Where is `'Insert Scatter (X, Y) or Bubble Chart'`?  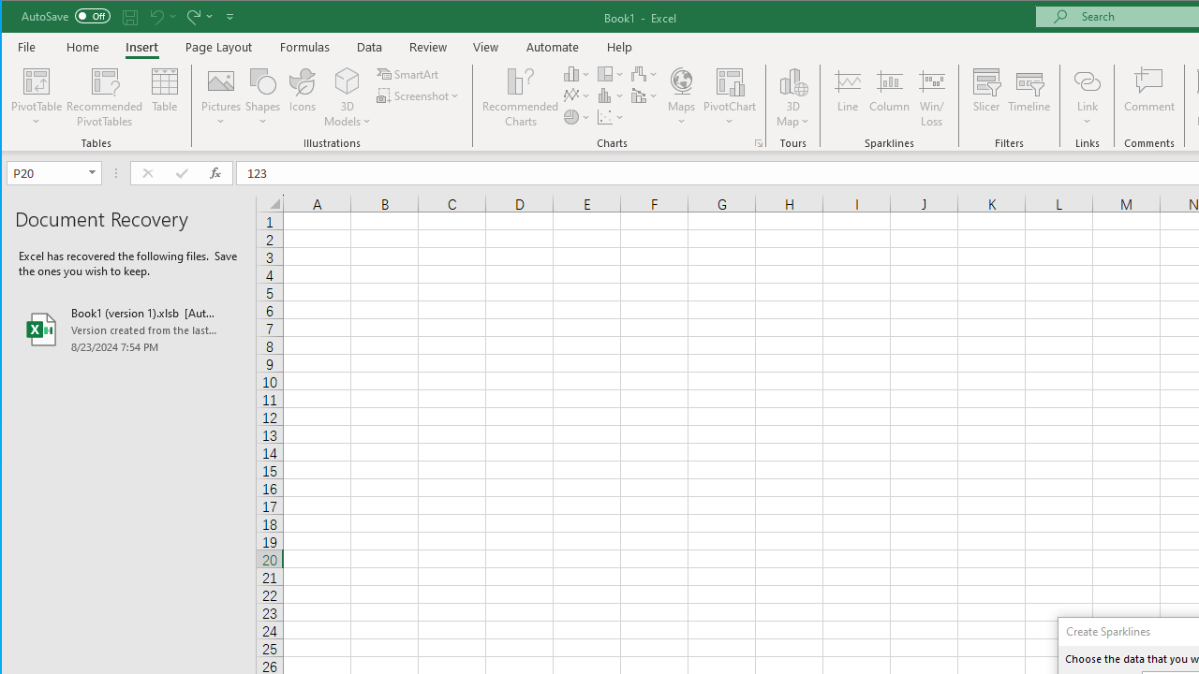 'Insert Scatter (X, Y) or Bubble Chart' is located at coordinates (611, 117).